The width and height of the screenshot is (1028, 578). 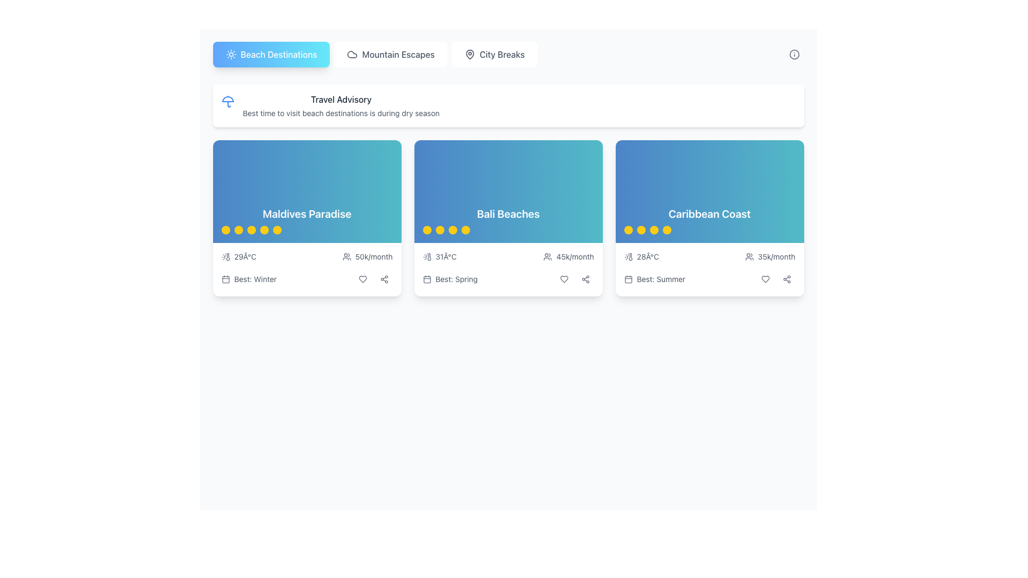 What do you see at coordinates (653, 229) in the screenshot?
I see `the third circular icon representing a rating star located below the heading 'Caribbean Coast' in the rightmost card of three displayed horizontally` at bounding box center [653, 229].